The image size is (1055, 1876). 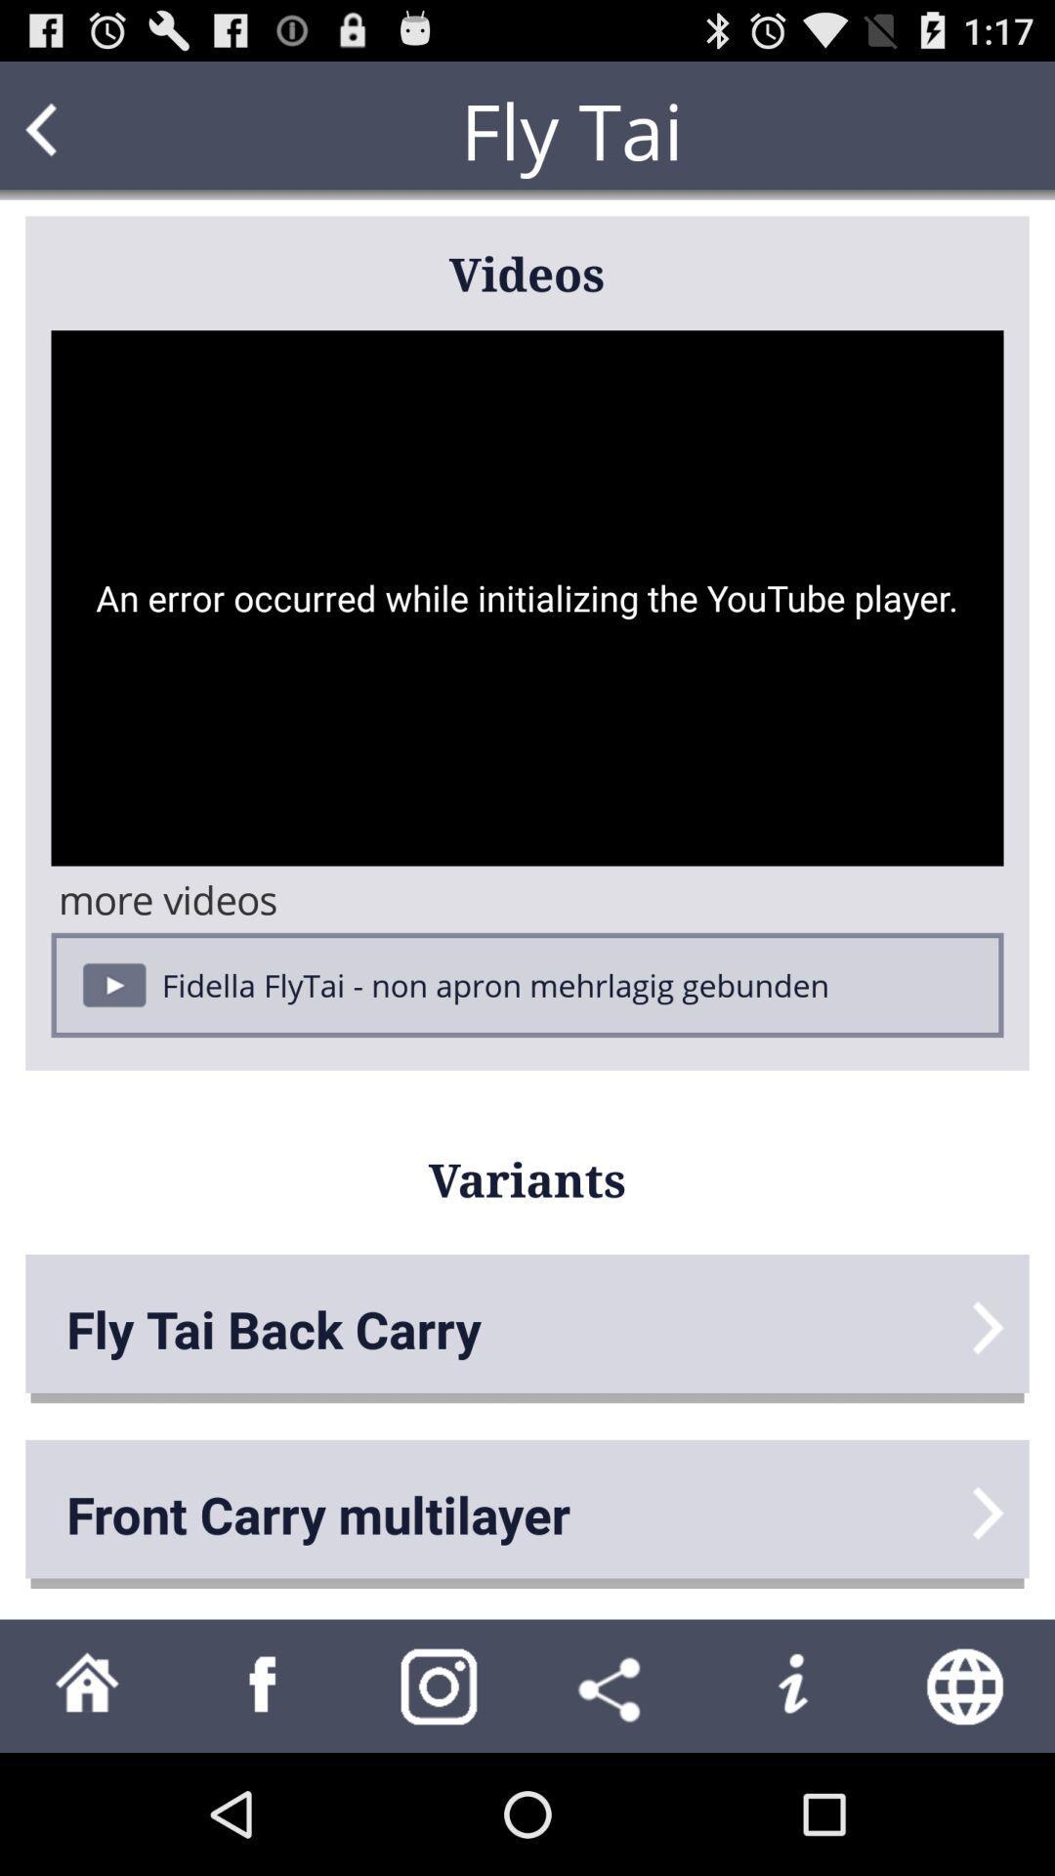 I want to click on search web, so click(x=967, y=1684).